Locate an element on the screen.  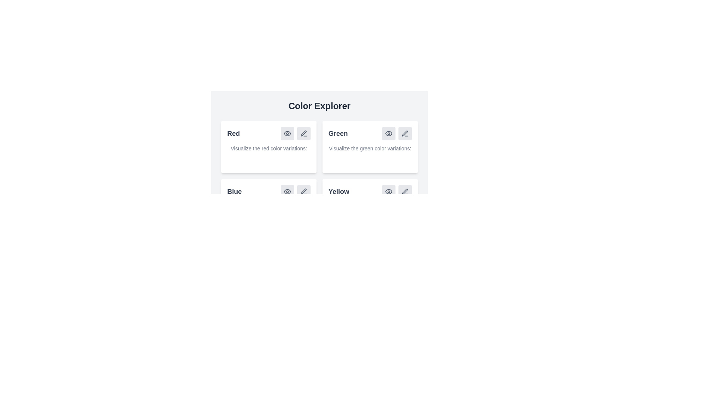
the text label representing the color 'Yellow' located in the lower-right card under the 'Color Explorer' section is located at coordinates (339, 191).